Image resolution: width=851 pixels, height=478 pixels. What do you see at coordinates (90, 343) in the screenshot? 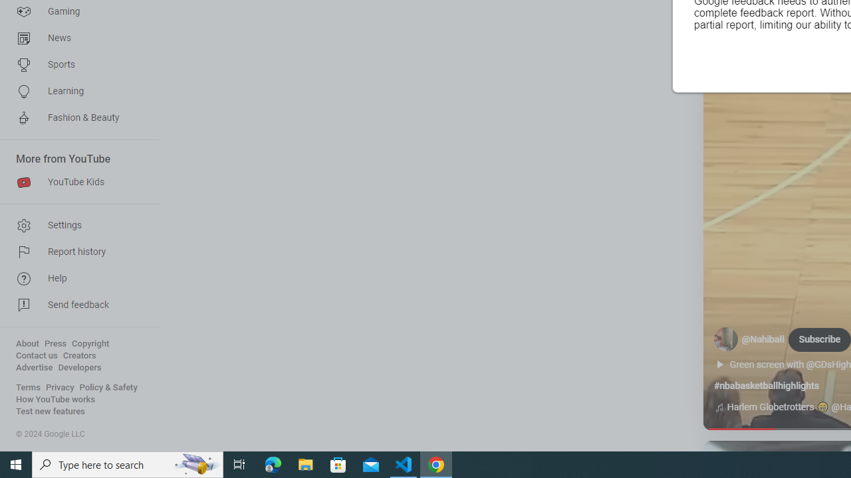
I see `'Copyright'` at bounding box center [90, 343].